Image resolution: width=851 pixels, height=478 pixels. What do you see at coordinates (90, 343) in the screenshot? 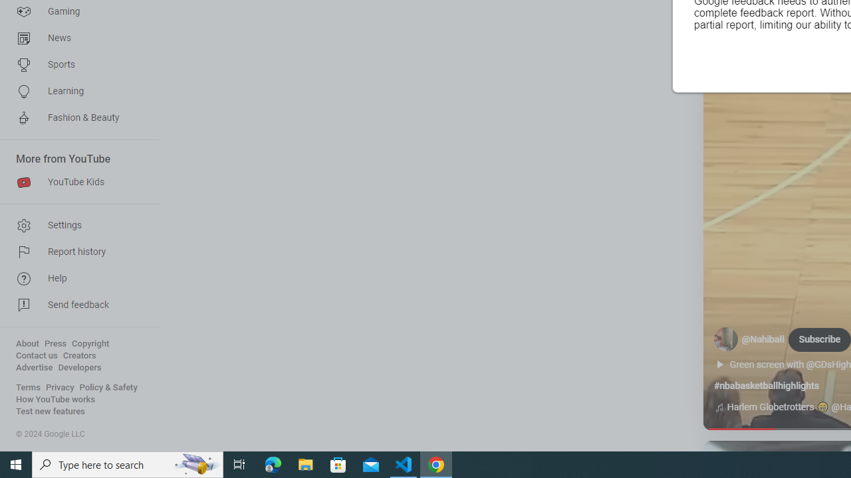
I see `'Copyright'` at bounding box center [90, 343].